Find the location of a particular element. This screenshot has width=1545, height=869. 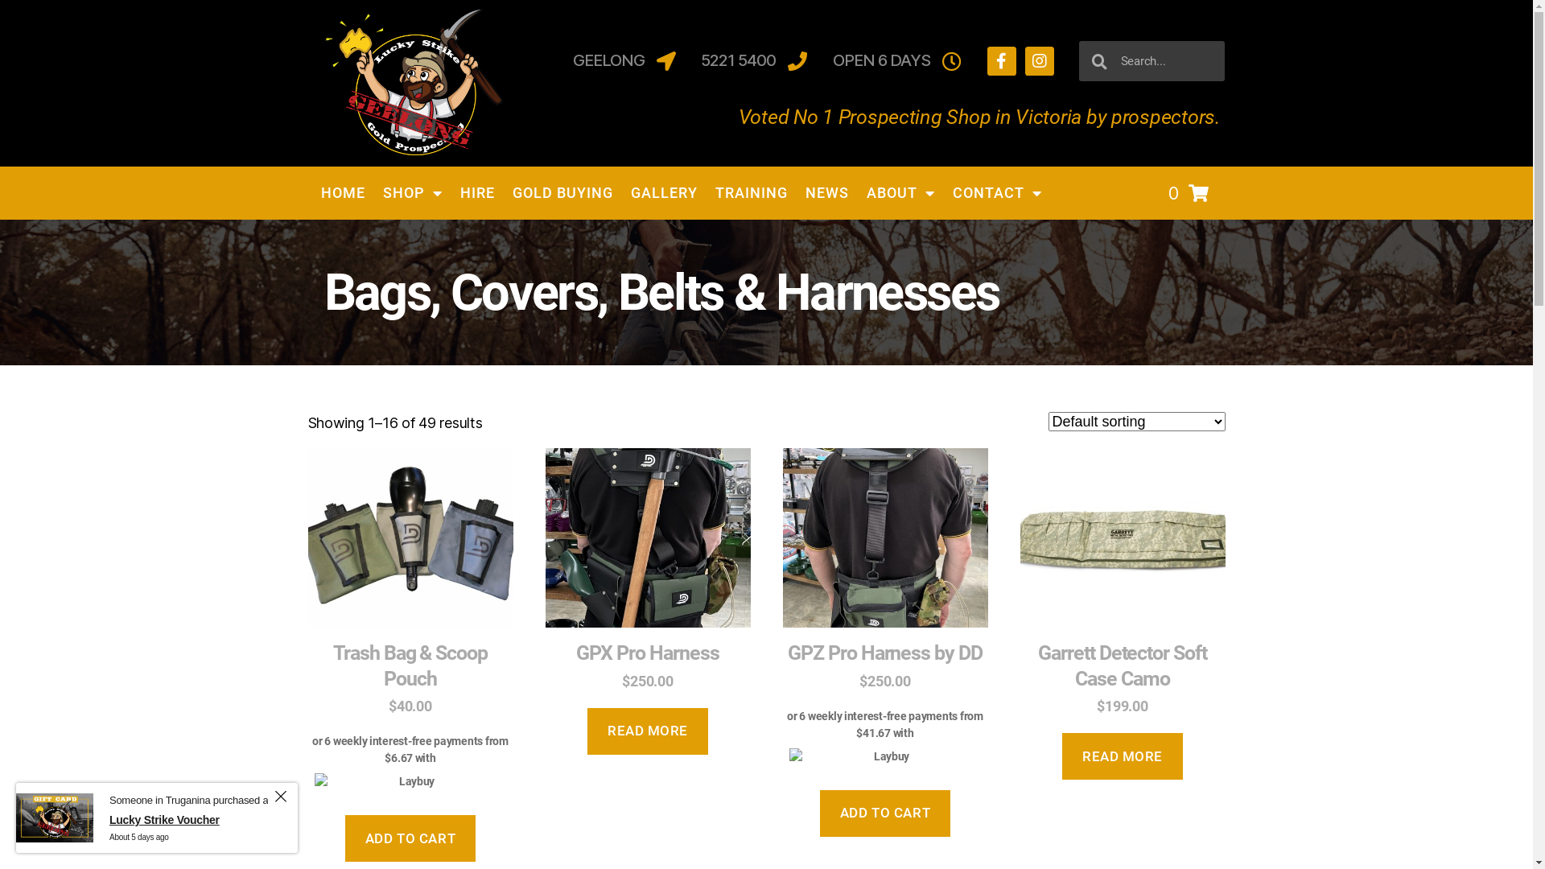

'TRAINING' is located at coordinates (751, 192).